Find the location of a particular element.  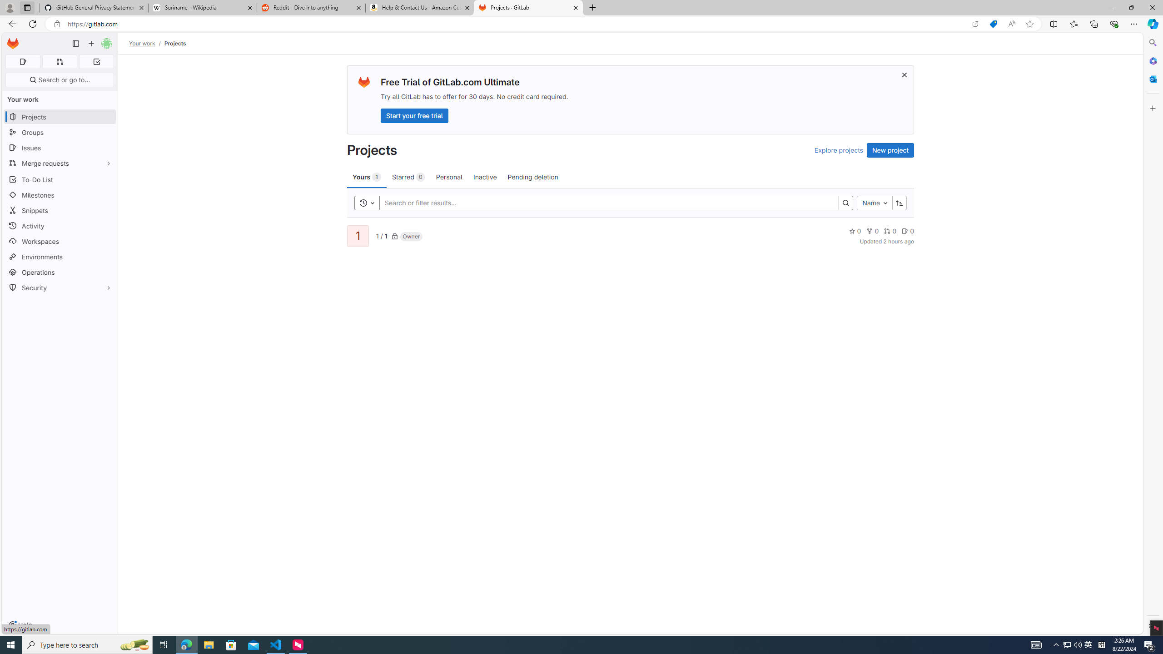

'Start your free trial' is located at coordinates (414, 115).